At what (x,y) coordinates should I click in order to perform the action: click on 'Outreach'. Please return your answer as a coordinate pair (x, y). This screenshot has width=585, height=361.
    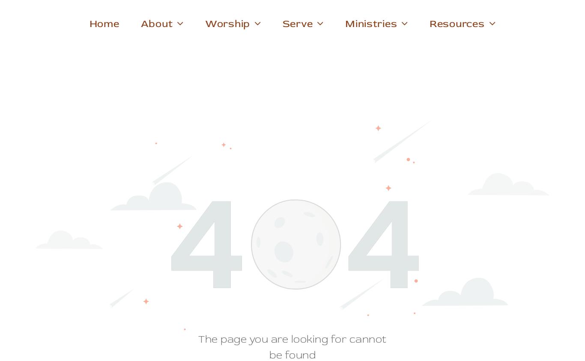
    Looking at the image, I should click on (368, 82).